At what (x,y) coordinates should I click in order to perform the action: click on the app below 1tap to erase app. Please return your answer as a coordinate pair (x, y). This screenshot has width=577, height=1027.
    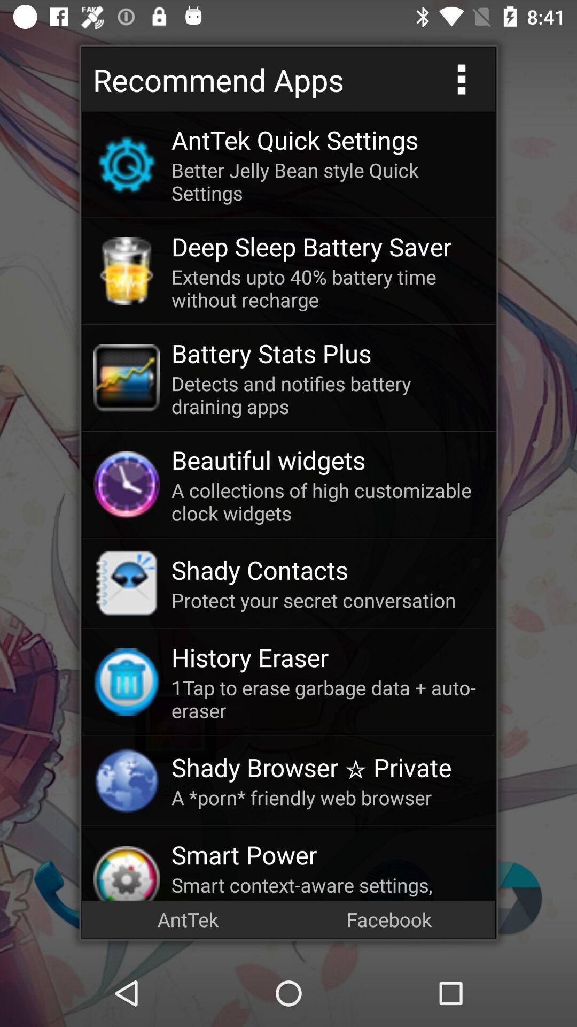
    Looking at the image, I should click on (327, 767).